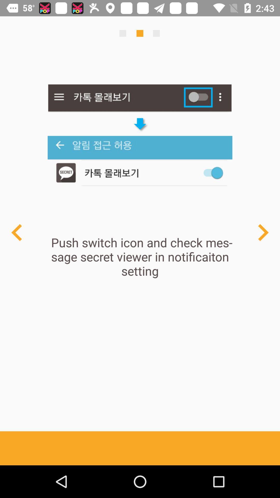  Describe the element at coordinates (17, 232) in the screenshot. I see `the arrow_backward icon` at that location.